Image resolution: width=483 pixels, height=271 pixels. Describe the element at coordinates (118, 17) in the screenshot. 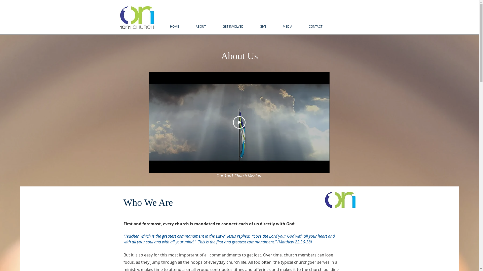

I see `'DECAL 1on1 logo bug + name.jpg'` at that location.